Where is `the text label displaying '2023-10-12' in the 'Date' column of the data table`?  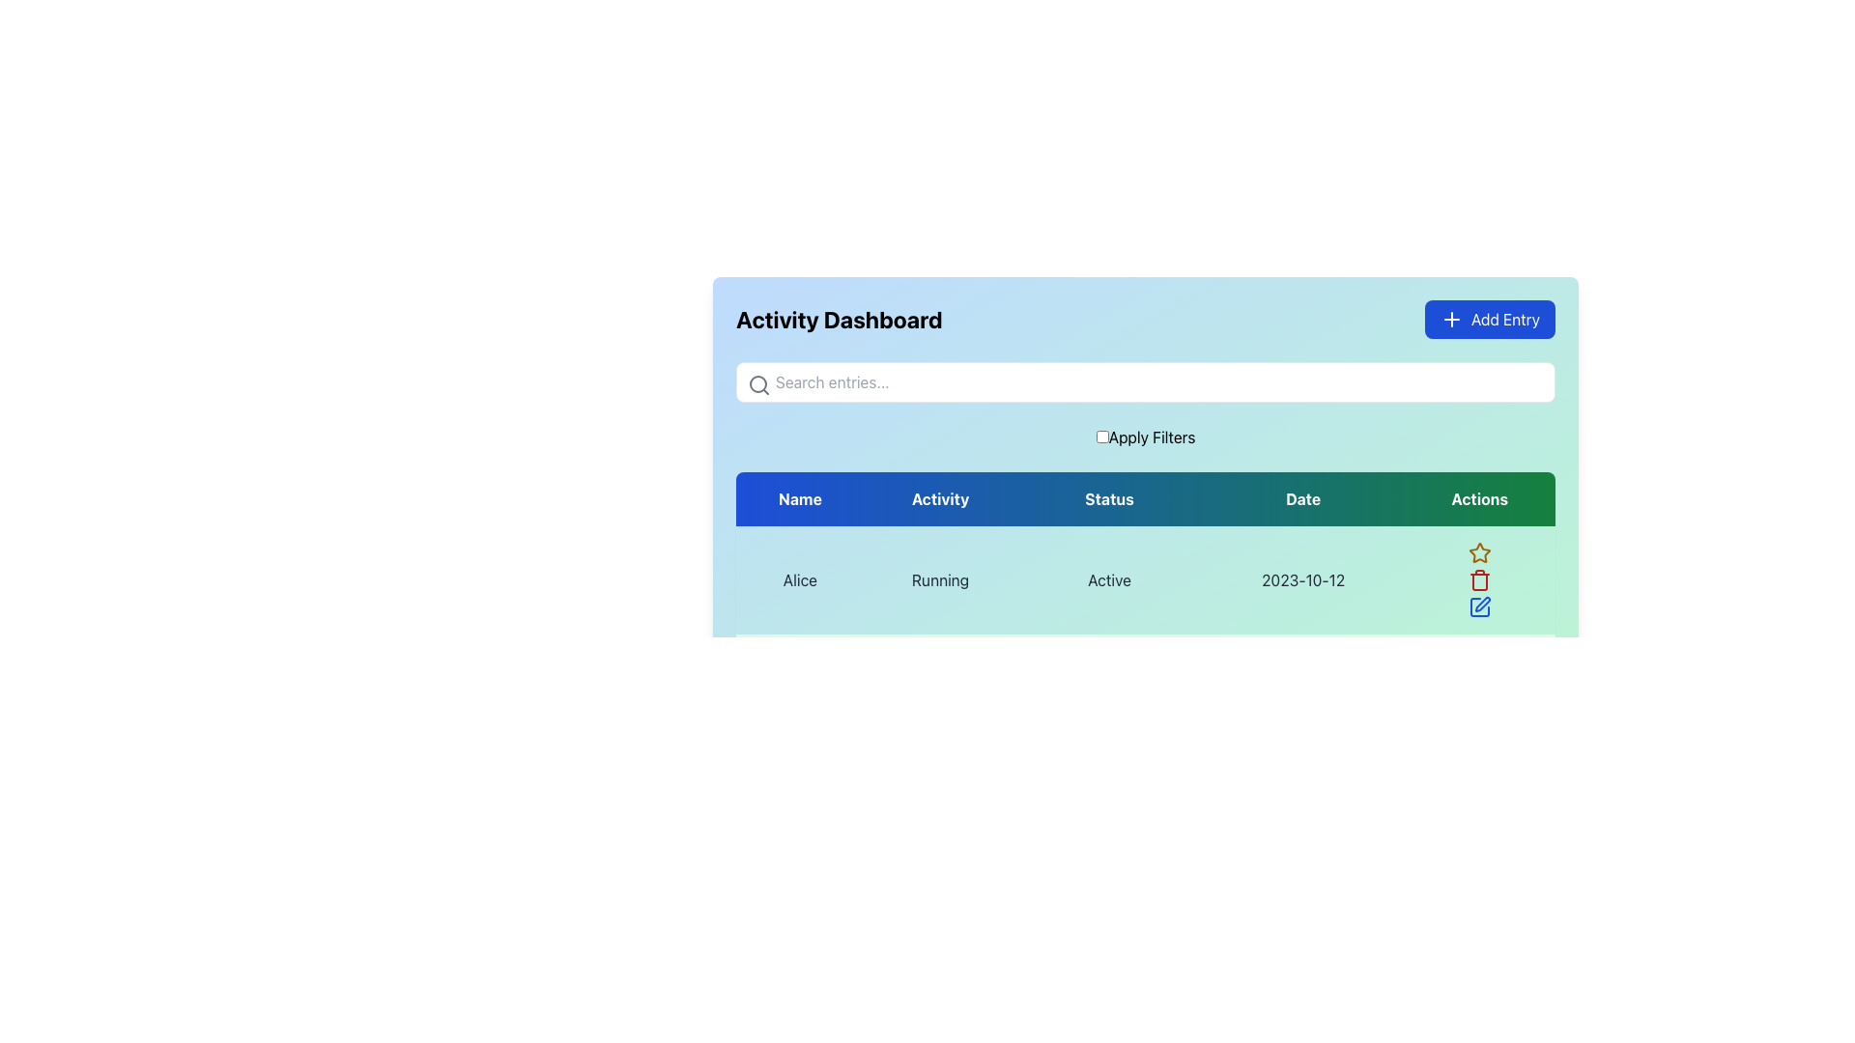
the text label displaying '2023-10-12' in the 'Date' column of the data table is located at coordinates (1303, 579).